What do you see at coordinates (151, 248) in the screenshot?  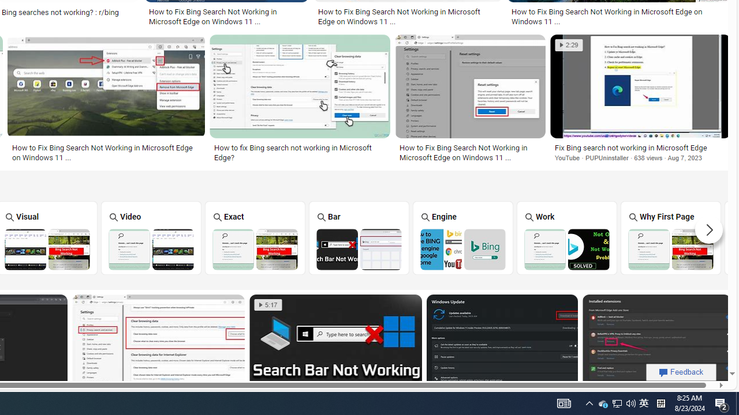 I see `'Bing Video Search Not Working'` at bounding box center [151, 248].